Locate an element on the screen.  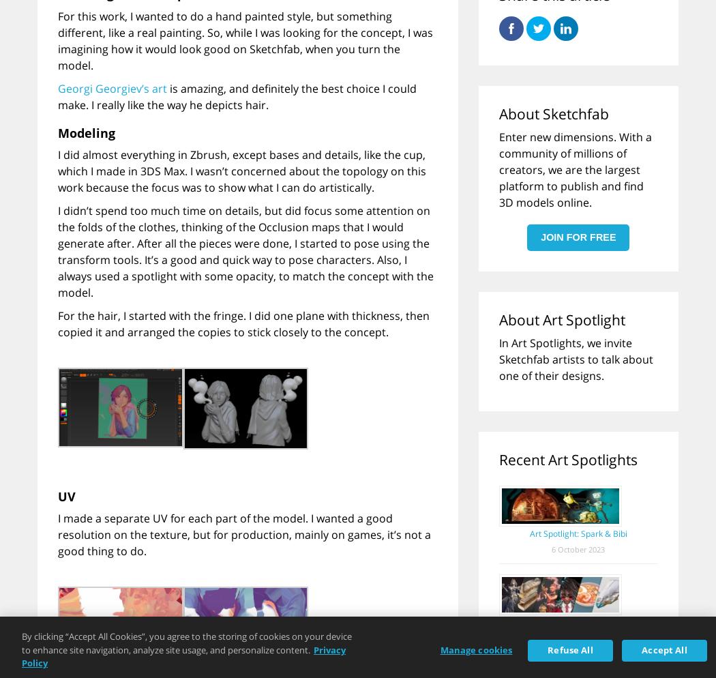
'15 December 2022' is located at coordinates (578, 650).